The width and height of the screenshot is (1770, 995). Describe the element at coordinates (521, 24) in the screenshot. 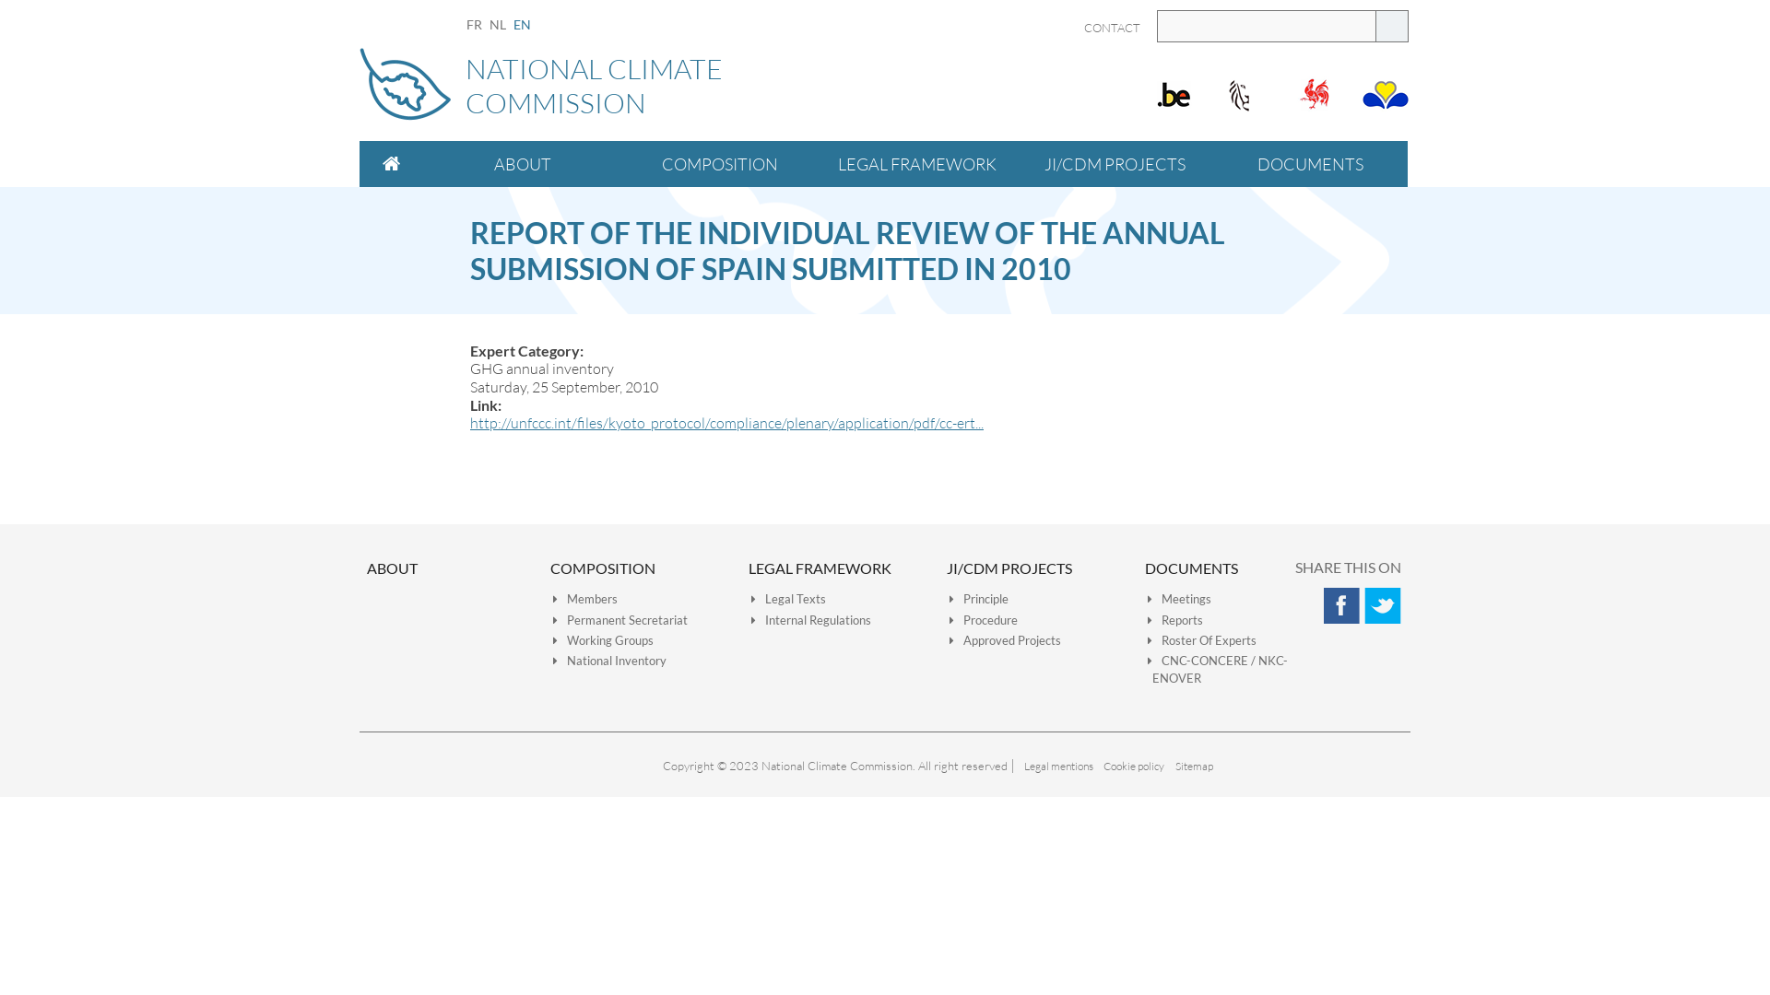

I see `'EN'` at that location.